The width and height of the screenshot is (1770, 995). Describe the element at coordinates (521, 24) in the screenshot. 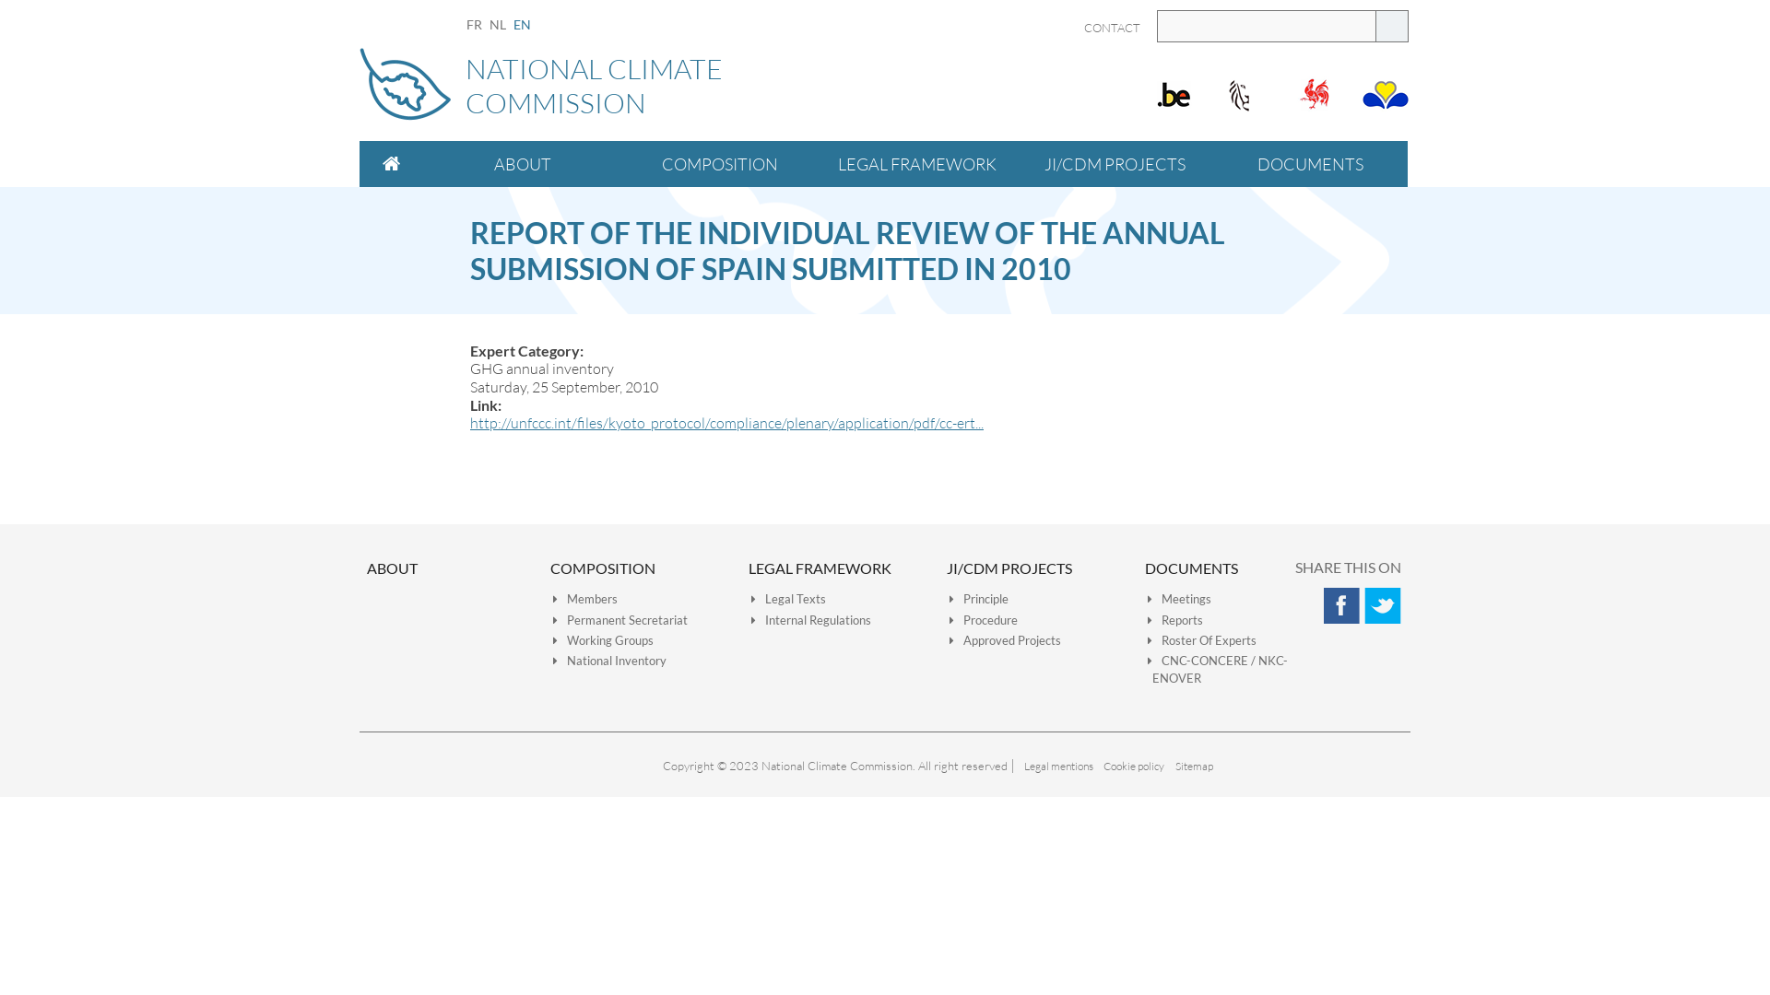

I see `'EN'` at that location.